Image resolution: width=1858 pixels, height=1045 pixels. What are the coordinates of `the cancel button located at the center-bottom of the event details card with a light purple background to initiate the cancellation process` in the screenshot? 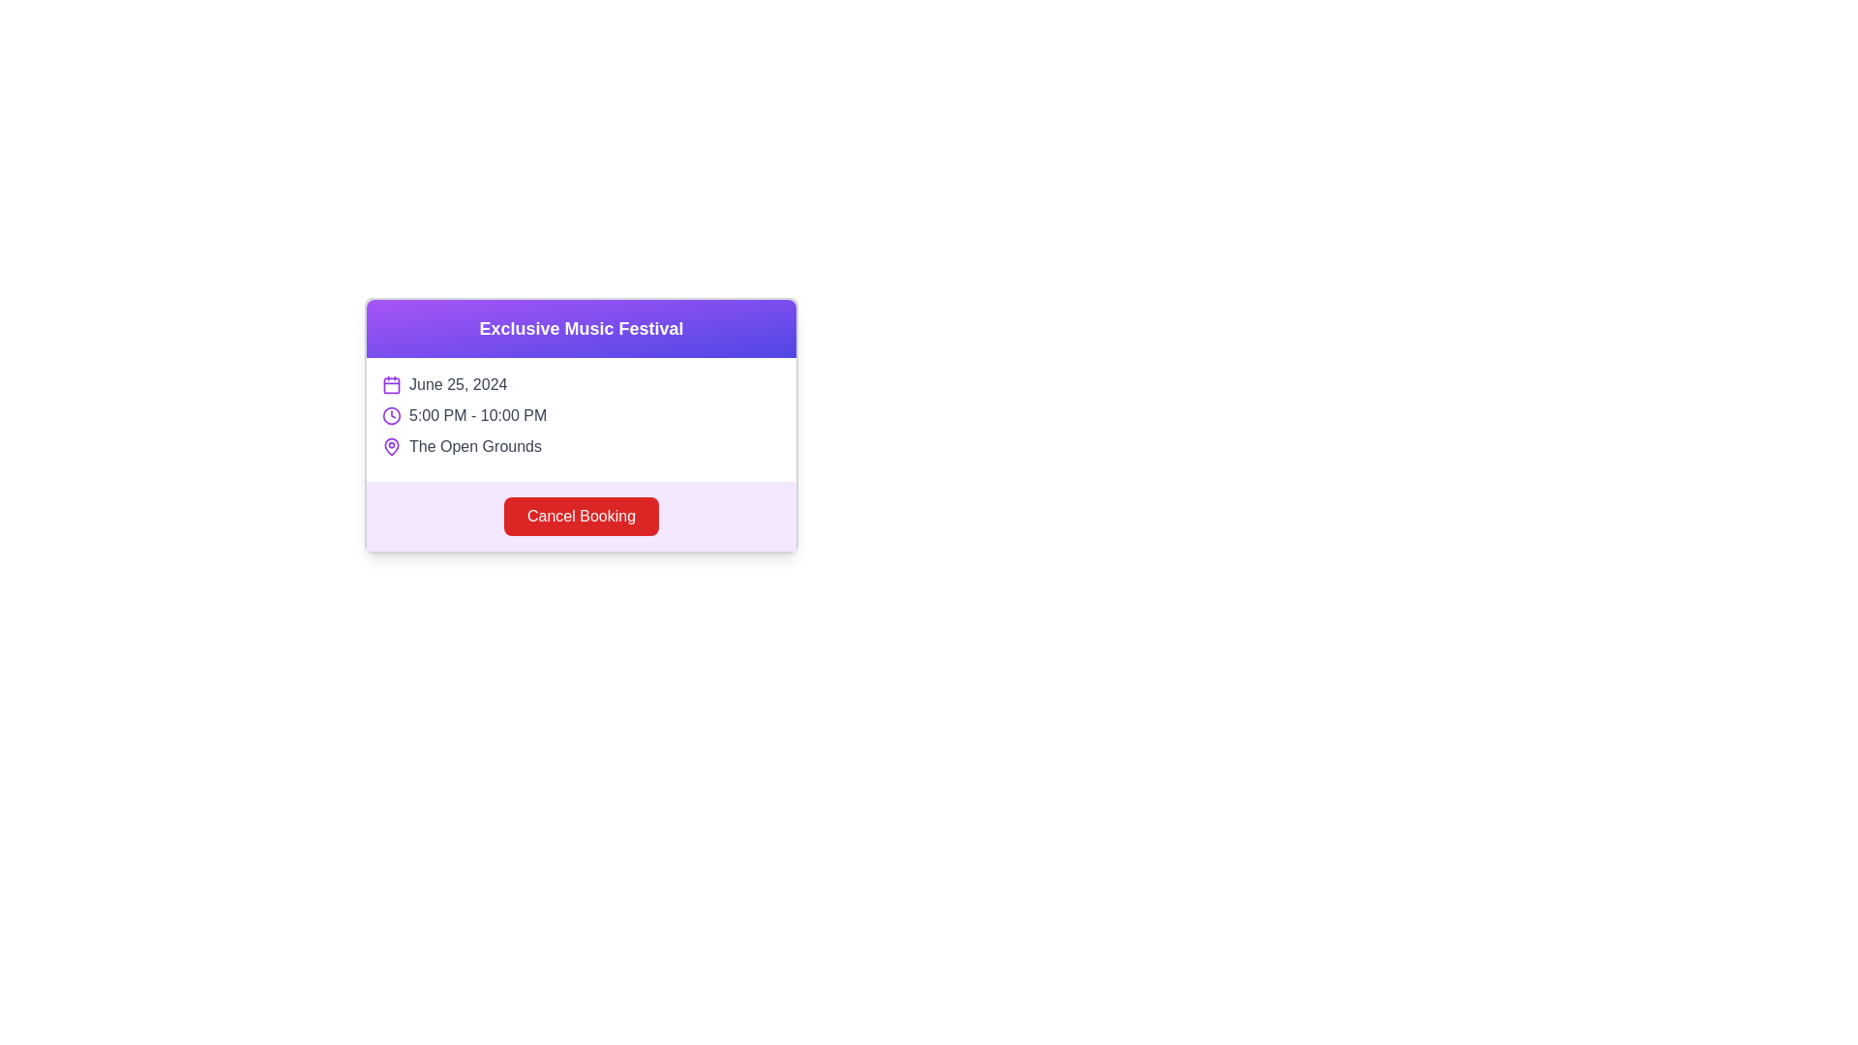 It's located at (580, 515).